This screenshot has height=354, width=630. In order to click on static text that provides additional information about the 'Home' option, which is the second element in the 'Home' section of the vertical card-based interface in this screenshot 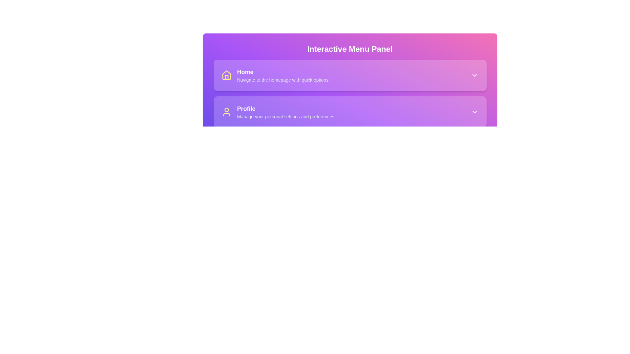, I will do `click(283, 79)`.